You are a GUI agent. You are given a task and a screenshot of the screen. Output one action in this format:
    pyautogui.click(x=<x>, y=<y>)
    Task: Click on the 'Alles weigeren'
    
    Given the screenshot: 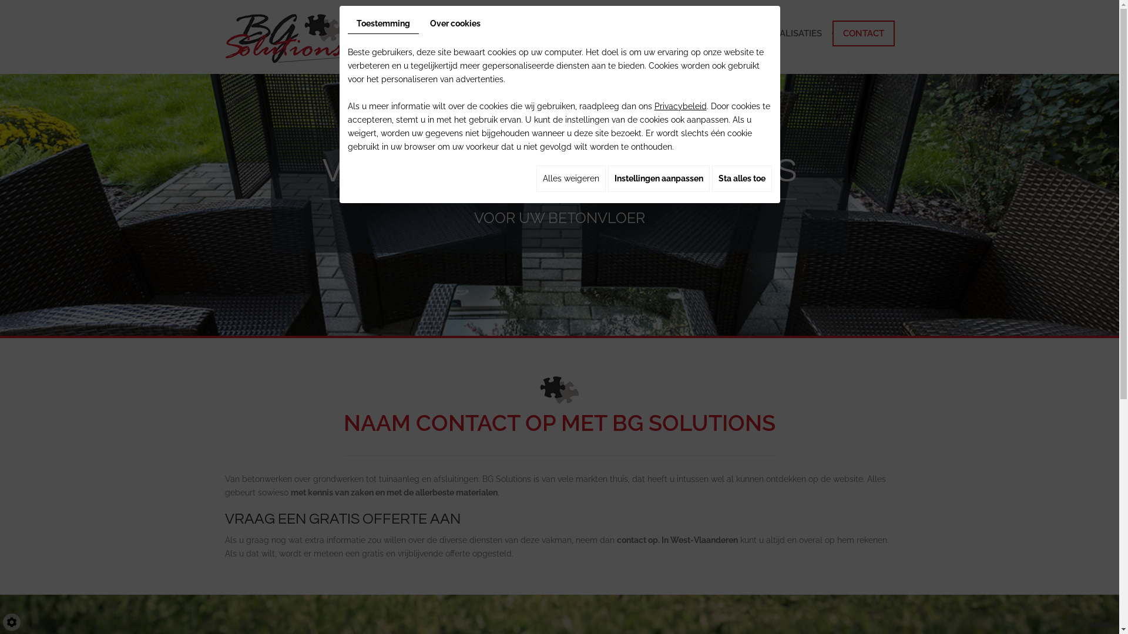 What is the action you would take?
    pyautogui.click(x=570, y=178)
    